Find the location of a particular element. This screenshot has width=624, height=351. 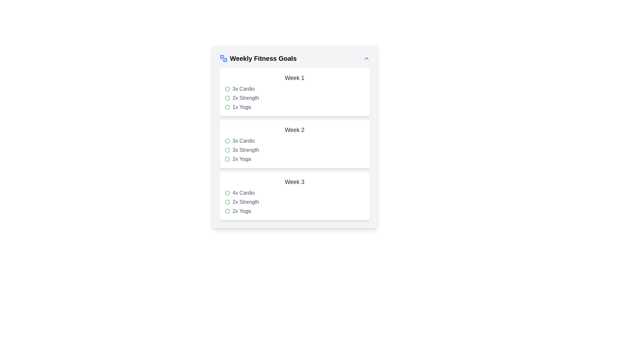

on the '4x Cardio' list item, which represents a fitness activity entry under 'Week 3' in the vertical list is located at coordinates (294, 193).